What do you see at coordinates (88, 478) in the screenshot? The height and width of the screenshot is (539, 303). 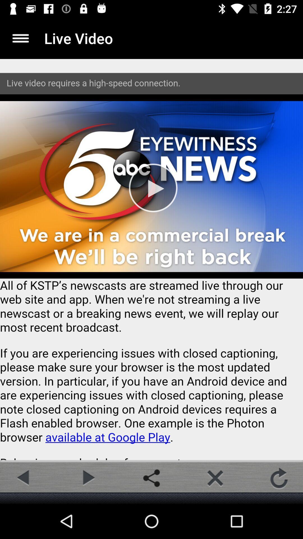 I see `the play icon` at bounding box center [88, 478].